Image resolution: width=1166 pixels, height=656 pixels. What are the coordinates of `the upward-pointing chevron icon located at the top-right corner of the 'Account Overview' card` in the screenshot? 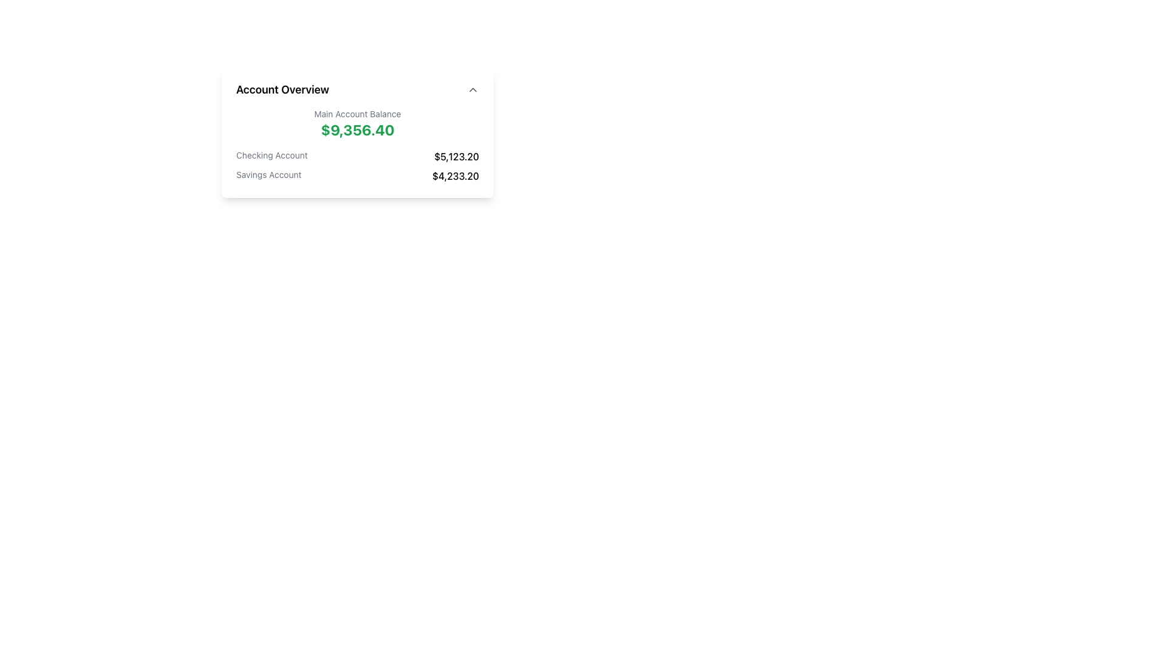 It's located at (472, 89).